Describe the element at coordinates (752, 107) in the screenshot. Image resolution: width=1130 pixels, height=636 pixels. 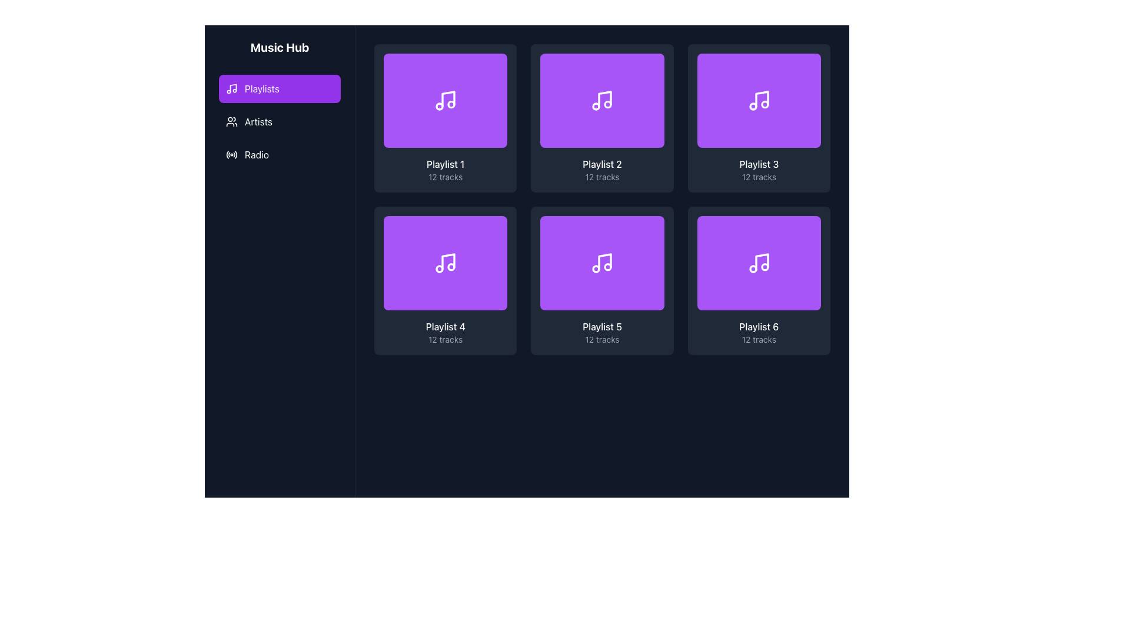
I see `the small minimalist circle SVG element located on the right side of the music note icon, which is part of the 'Playlist 3' block` at that location.